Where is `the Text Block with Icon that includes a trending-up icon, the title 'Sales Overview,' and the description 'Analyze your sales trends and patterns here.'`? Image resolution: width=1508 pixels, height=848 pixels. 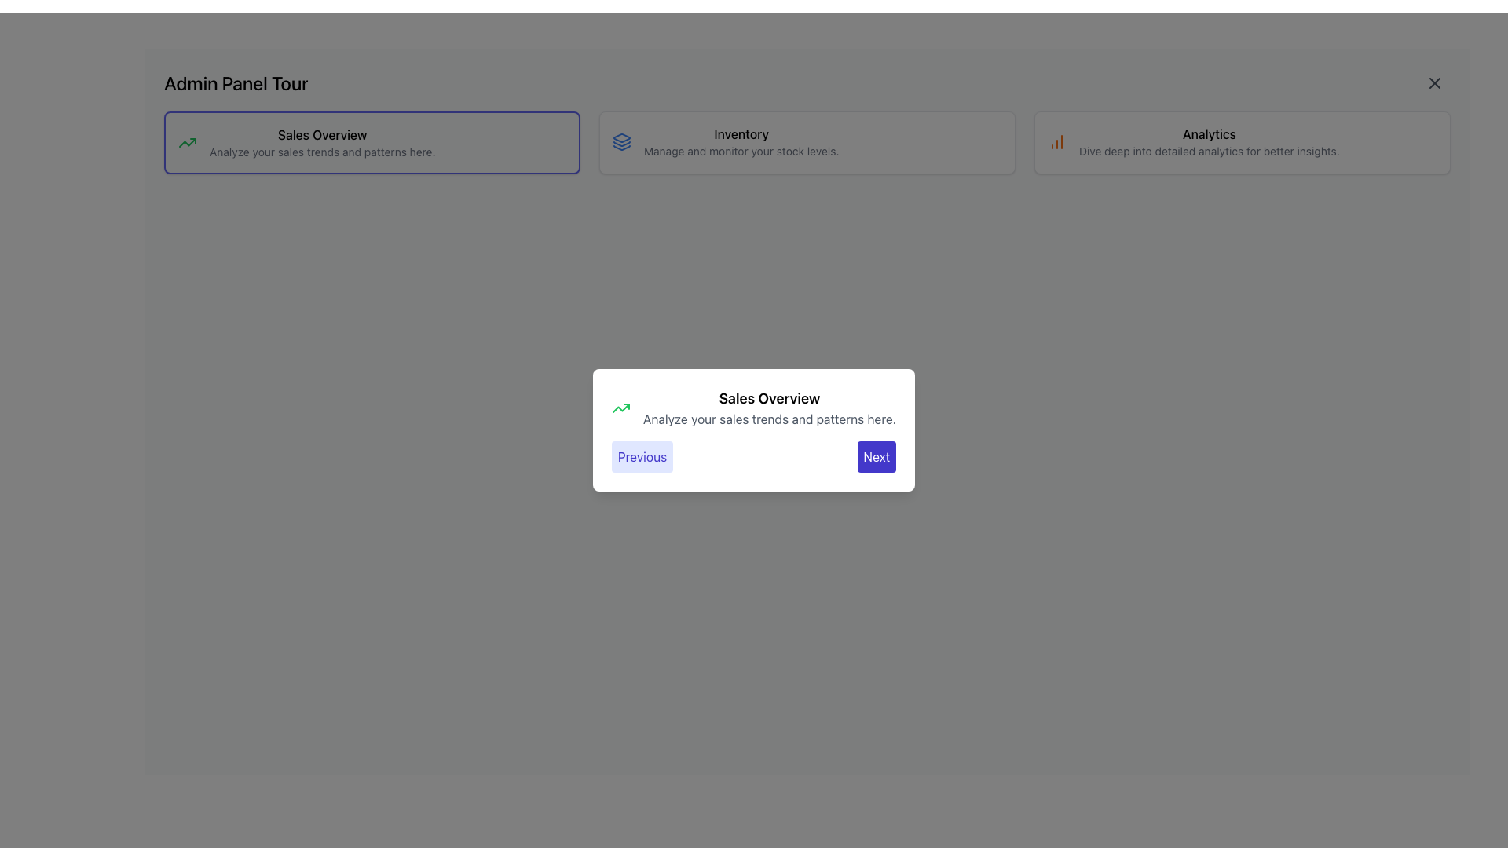 the Text Block with Icon that includes a trending-up icon, the title 'Sales Overview,' and the description 'Analyze your sales trends and patterns here.' is located at coordinates (372, 142).